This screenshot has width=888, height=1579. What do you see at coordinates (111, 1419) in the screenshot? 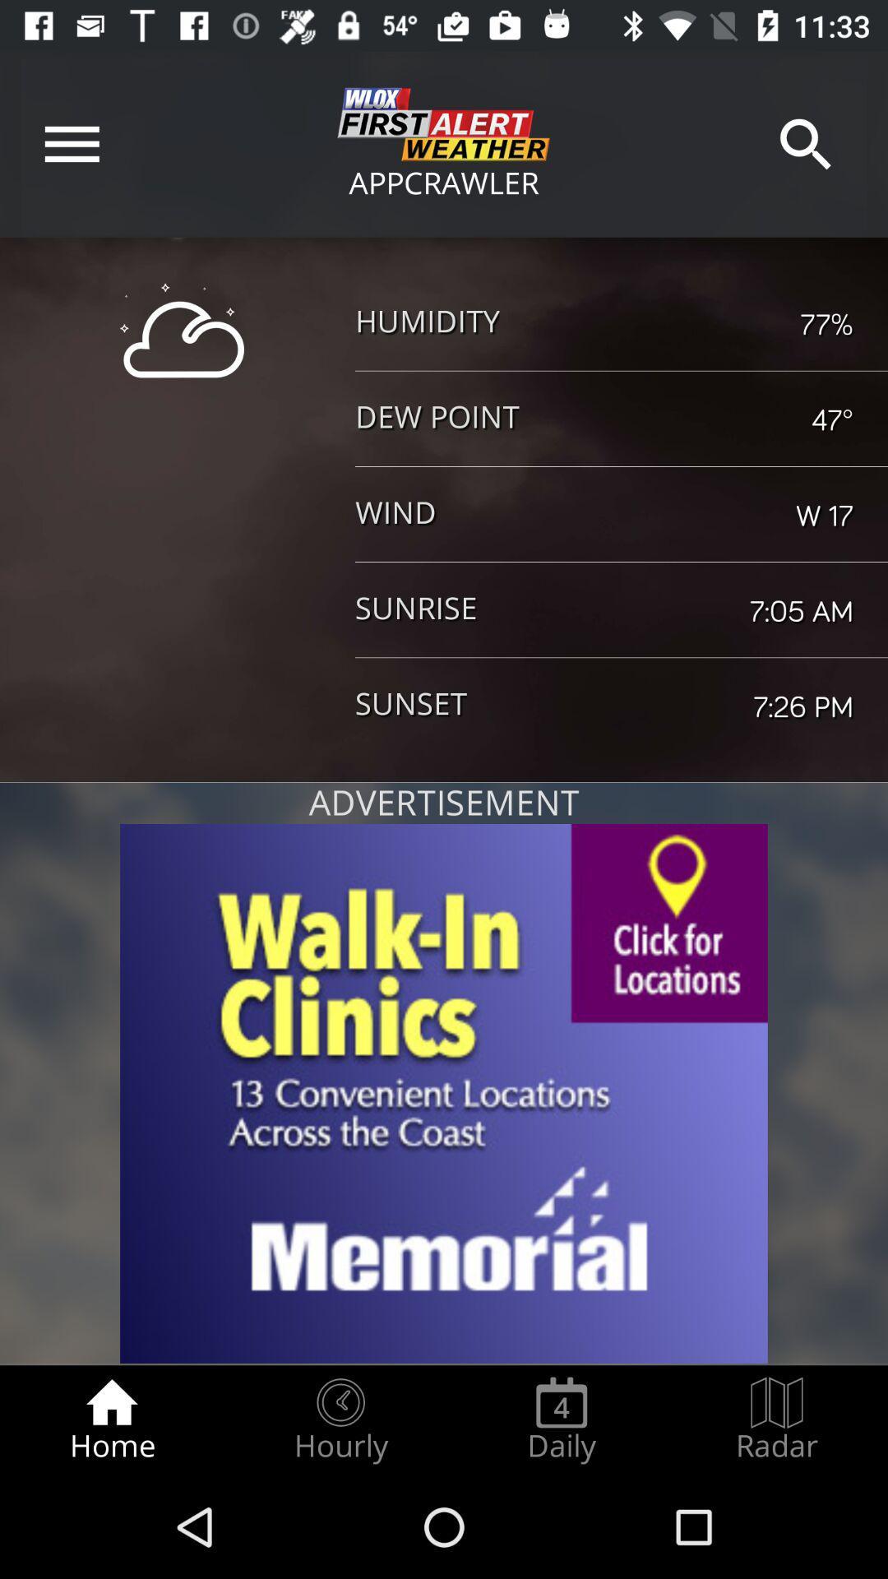
I see `the home` at bounding box center [111, 1419].